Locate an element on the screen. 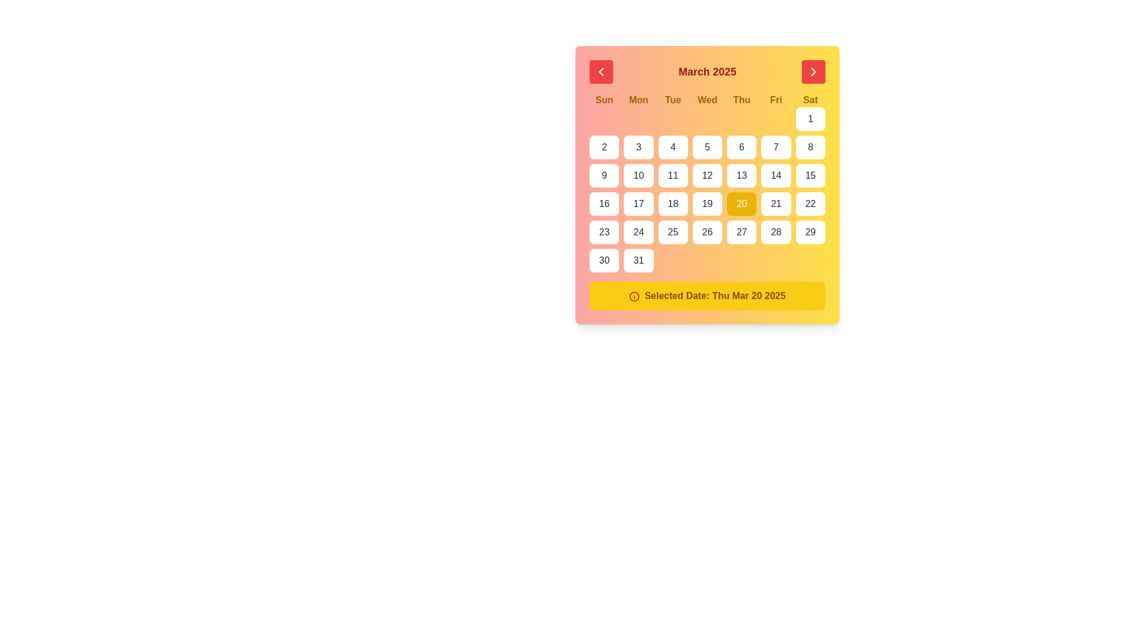  the Text label that represents Sundays in the calendar, positioned as the first element in the week day headers is located at coordinates (604, 99).